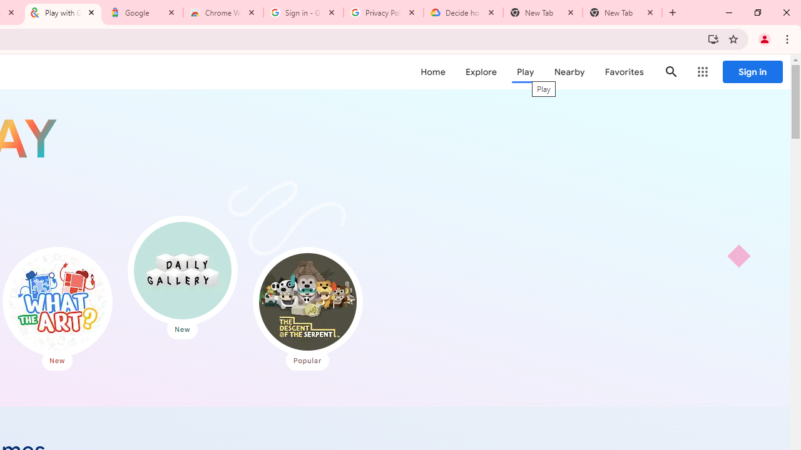  Describe the element at coordinates (56, 302) in the screenshot. I see `'What the Art?'` at that location.